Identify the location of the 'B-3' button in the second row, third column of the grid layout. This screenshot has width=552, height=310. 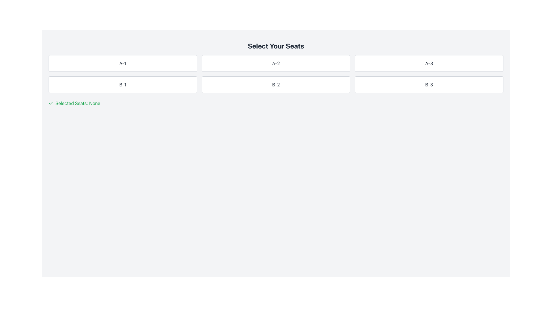
(429, 84).